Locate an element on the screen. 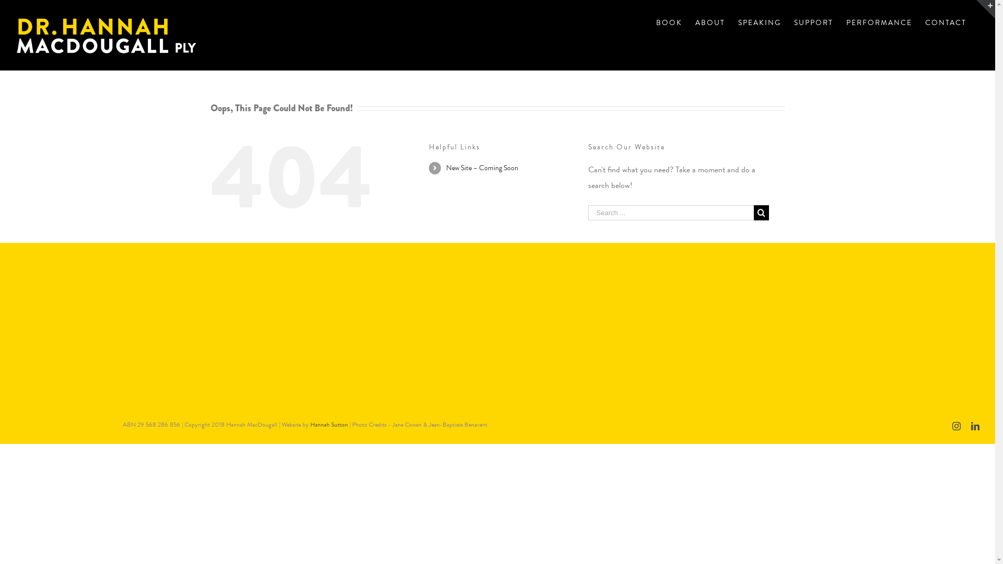 This screenshot has width=1003, height=564. 'SUPPORT' is located at coordinates (794, 22).